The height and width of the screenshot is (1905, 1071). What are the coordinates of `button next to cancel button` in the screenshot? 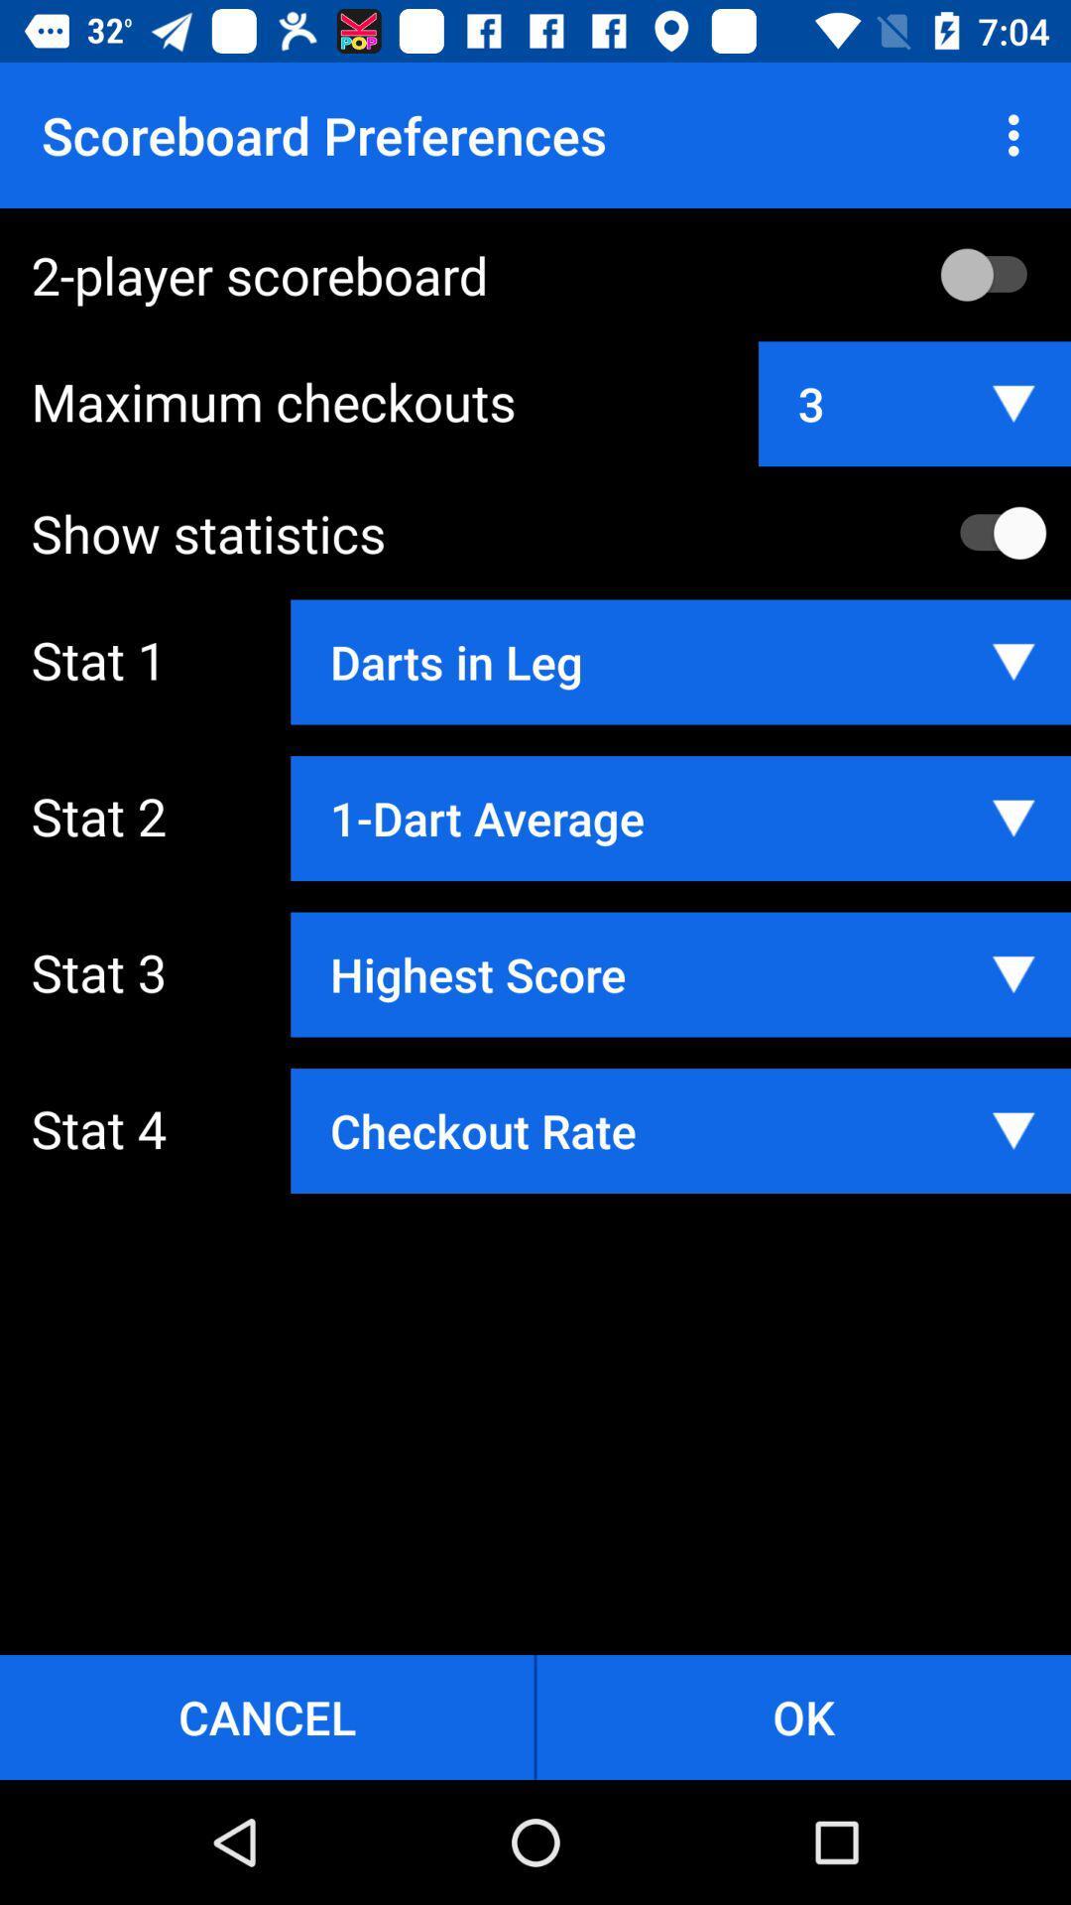 It's located at (803, 1716).